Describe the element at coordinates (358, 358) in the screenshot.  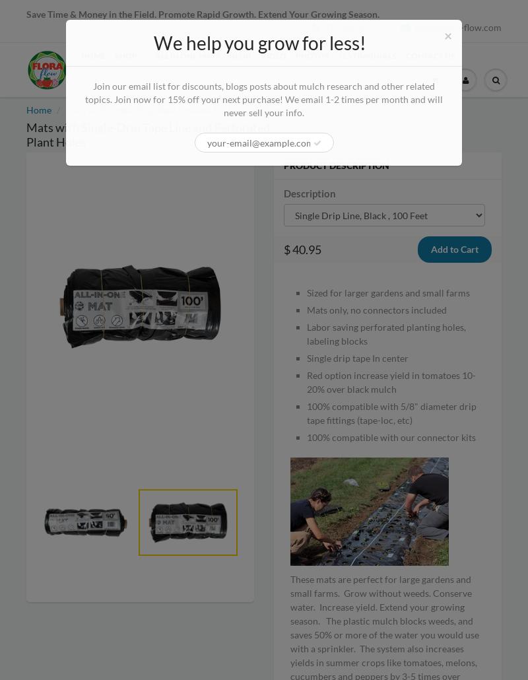
I see `'Single drip tape In center'` at that location.